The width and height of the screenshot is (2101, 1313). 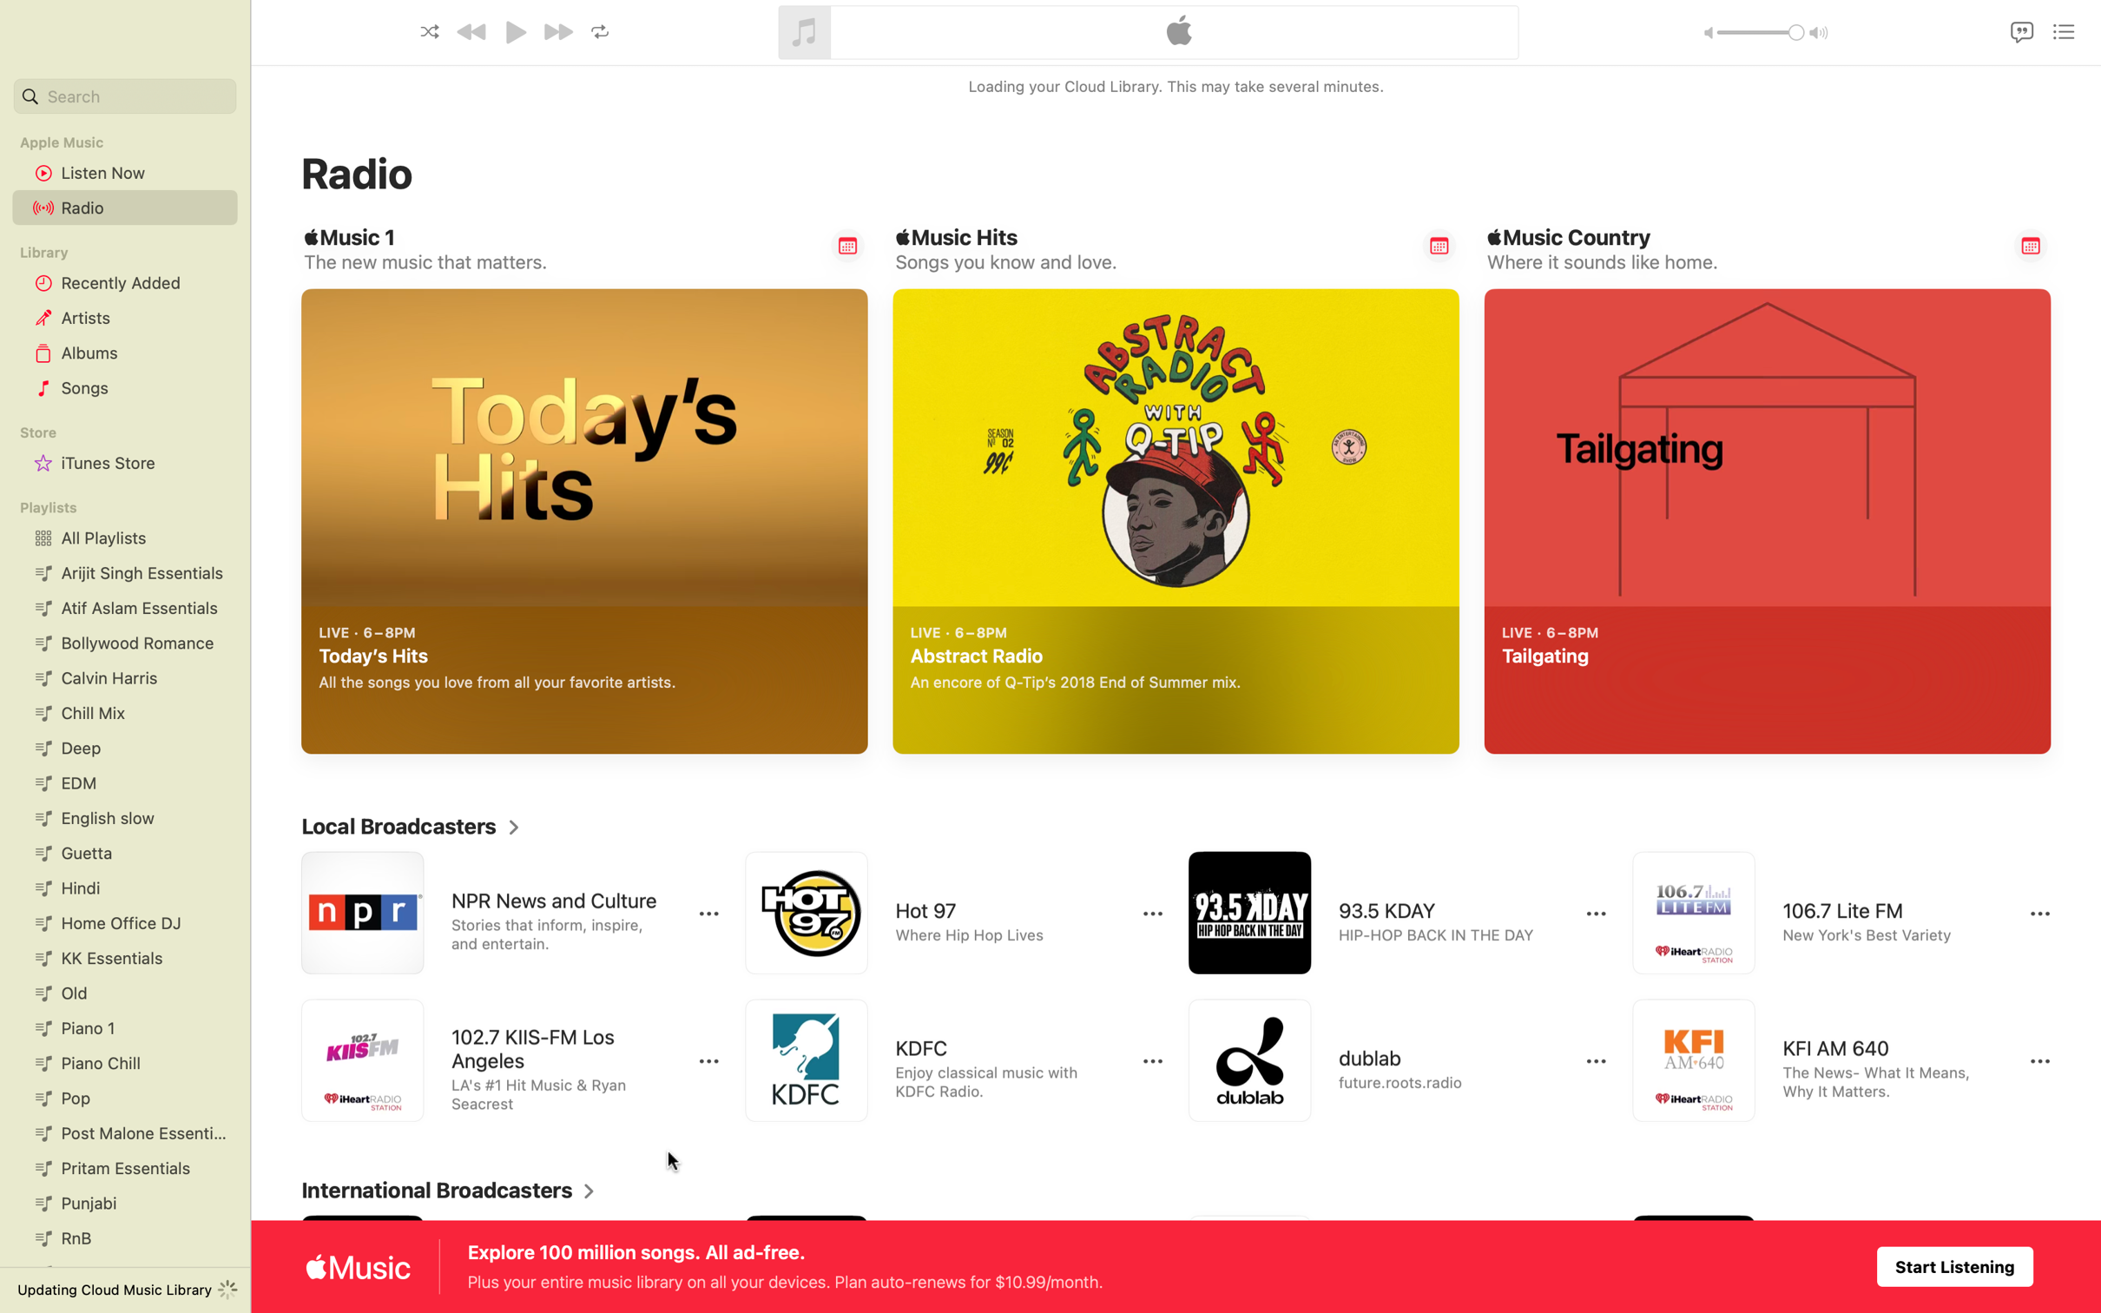 What do you see at coordinates (1382, 1060) in the screenshot?
I see `Dublab broadcast` at bounding box center [1382, 1060].